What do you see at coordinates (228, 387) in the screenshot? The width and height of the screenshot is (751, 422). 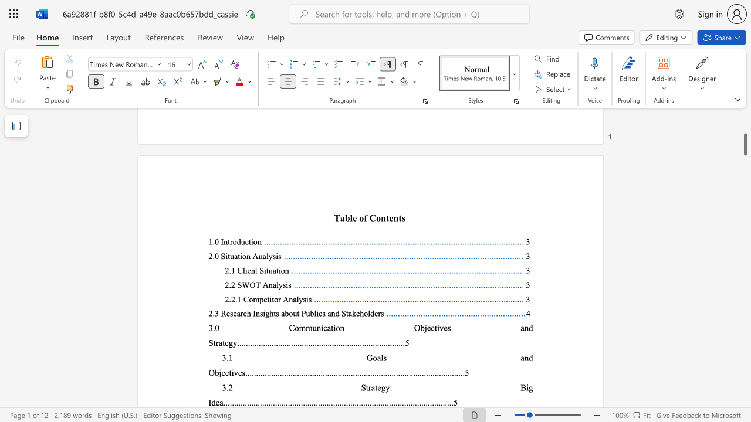 I see `the subset text "2 Strat" within the text "3.2 Strategy: Big Idea"` at bounding box center [228, 387].